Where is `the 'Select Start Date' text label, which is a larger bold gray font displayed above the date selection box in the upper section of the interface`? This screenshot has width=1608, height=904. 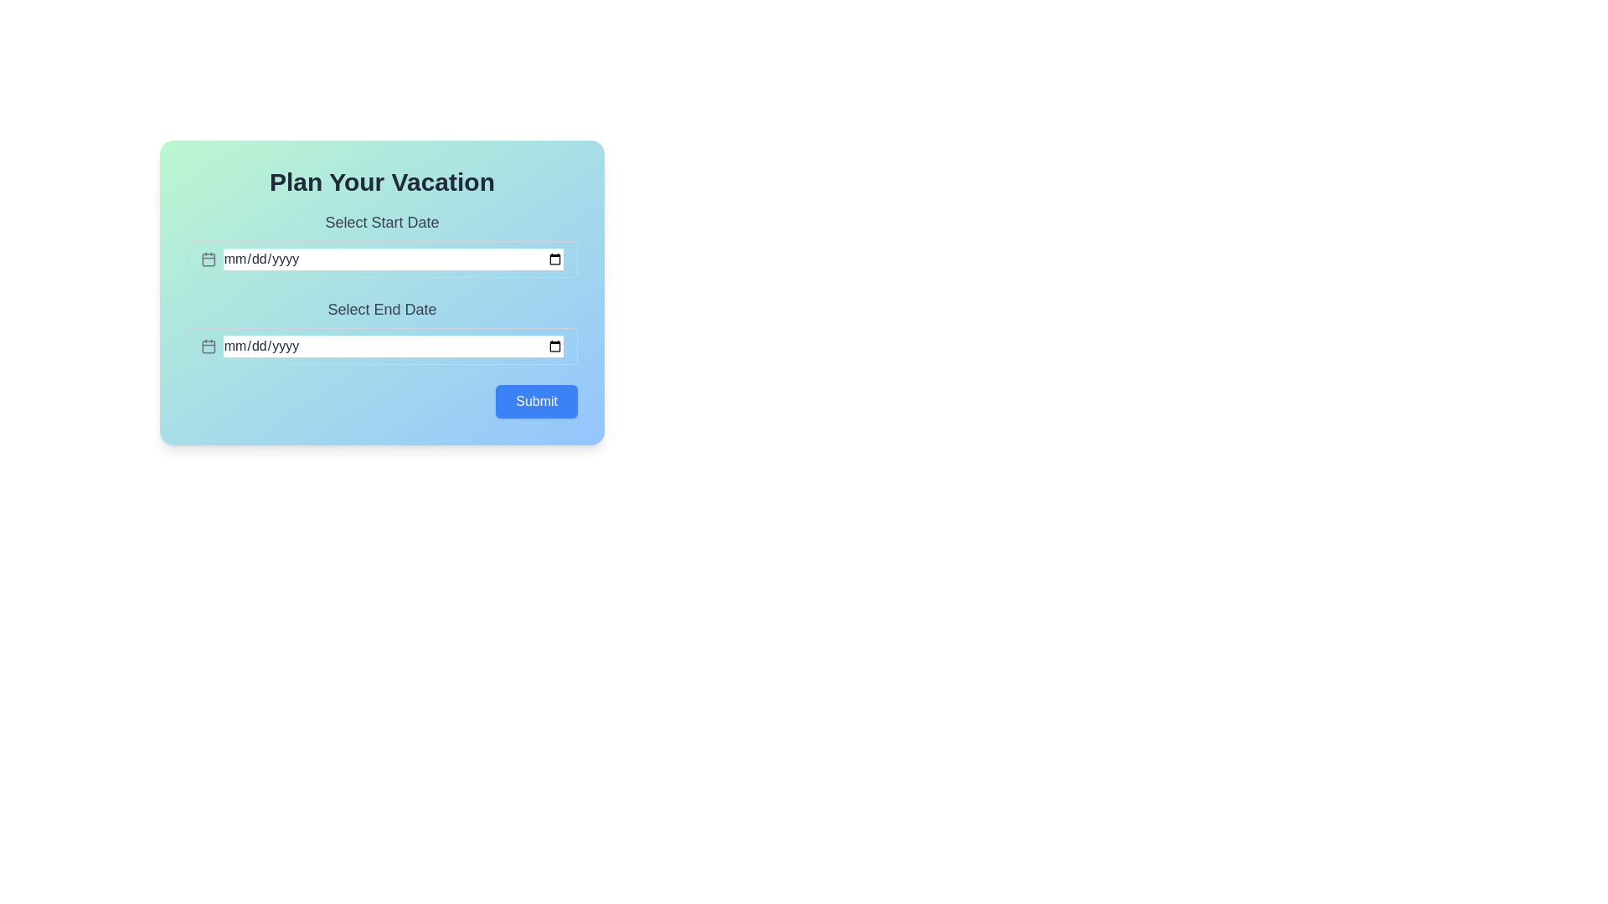
the 'Select Start Date' text label, which is a larger bold gray font displayed above the date selection box in the upper section of the interface is located at coordinates (381, 222).